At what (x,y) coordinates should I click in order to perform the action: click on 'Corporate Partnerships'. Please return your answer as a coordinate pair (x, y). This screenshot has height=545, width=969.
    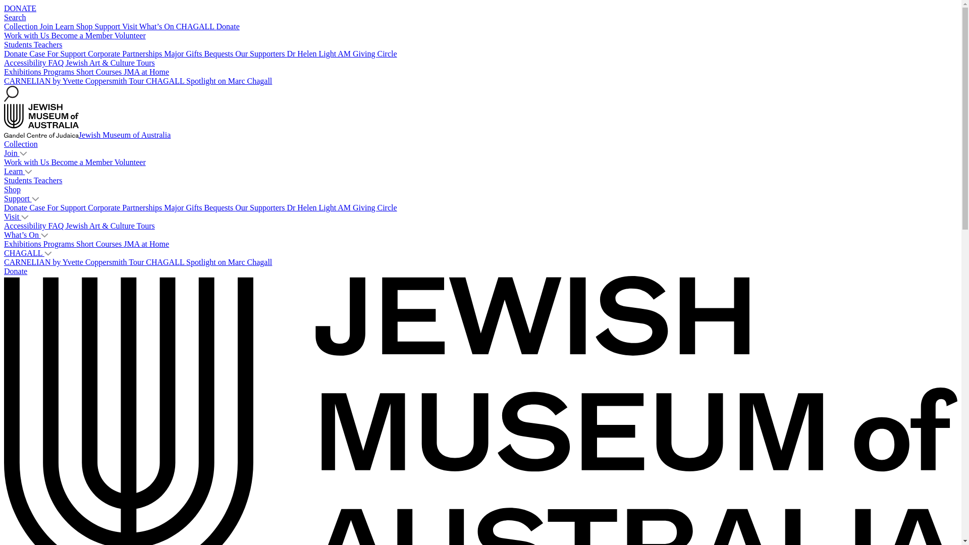
    Looking at the image, I should click on (125, 53).